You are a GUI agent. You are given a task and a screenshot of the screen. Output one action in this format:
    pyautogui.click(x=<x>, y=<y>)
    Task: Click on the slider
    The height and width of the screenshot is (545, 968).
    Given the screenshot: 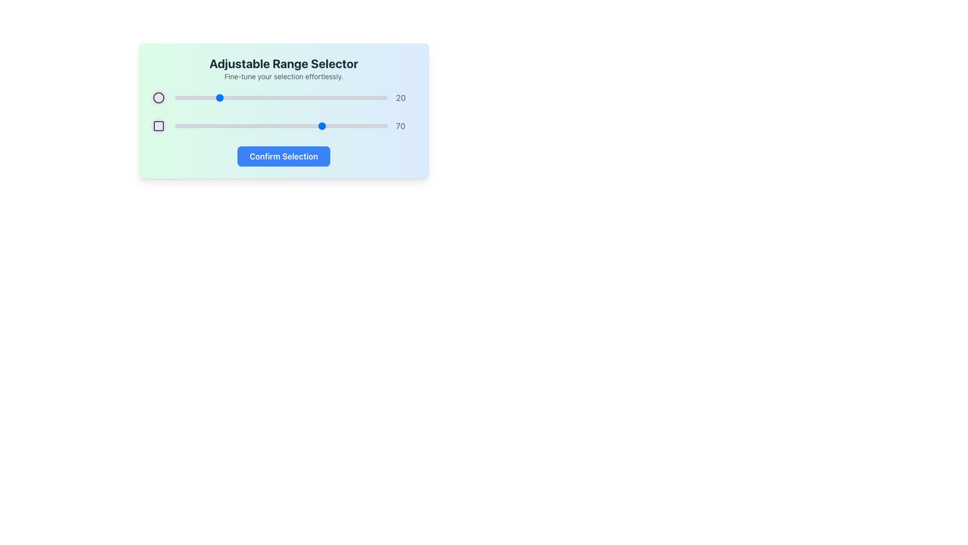 What is the action you would take?
    pyautogui.click(x=353, y=97)
    